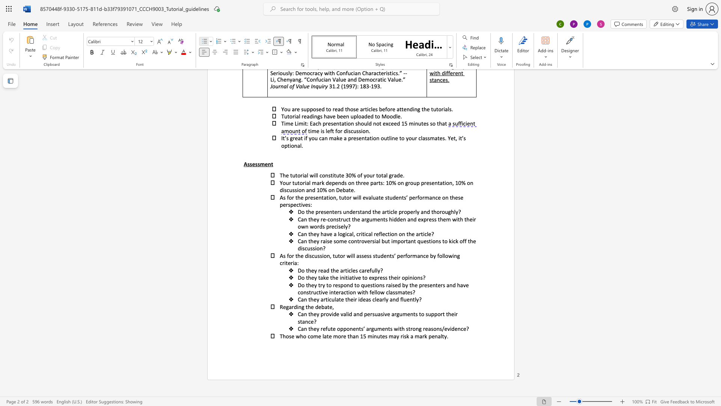  Describe the element at coordinates (352, 270) in the screenshot. I see `the space between the continuous character "l" and "e" in the text` at that location.